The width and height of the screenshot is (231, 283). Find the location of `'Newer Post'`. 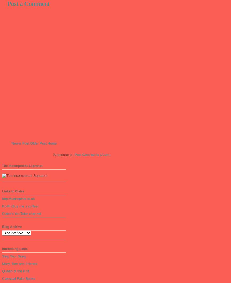

'Newer Post' is located at coordinates (11, 143).